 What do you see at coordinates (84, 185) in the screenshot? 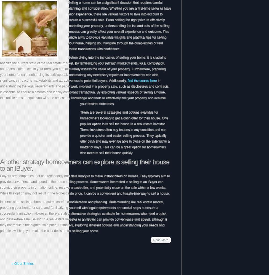
I see `'iBuyers are companies that use technology and data analysis to make instant offers on homes. They typically aim to provide convenience and speed in the home selling process. Homeowners interested in selling to an iBuyer can submit their property information online, receive a cash offer, and potentially close on the sale within a few weeks. While this option may not result in the highest sale price, it can be a convenient and hassle-free way to sell a house.'` at bounding box center [84, 185].